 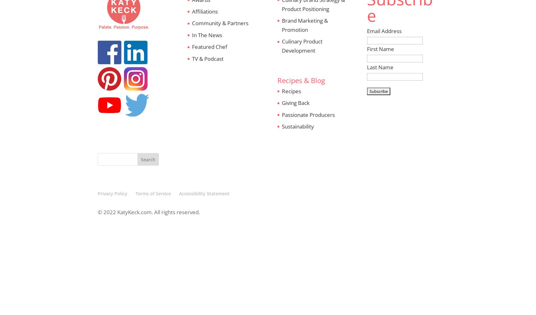 What do you see at coordinates (220, 23) in the screenshot?
I see `'Community & Partners'` at bounding box center [220, 23].